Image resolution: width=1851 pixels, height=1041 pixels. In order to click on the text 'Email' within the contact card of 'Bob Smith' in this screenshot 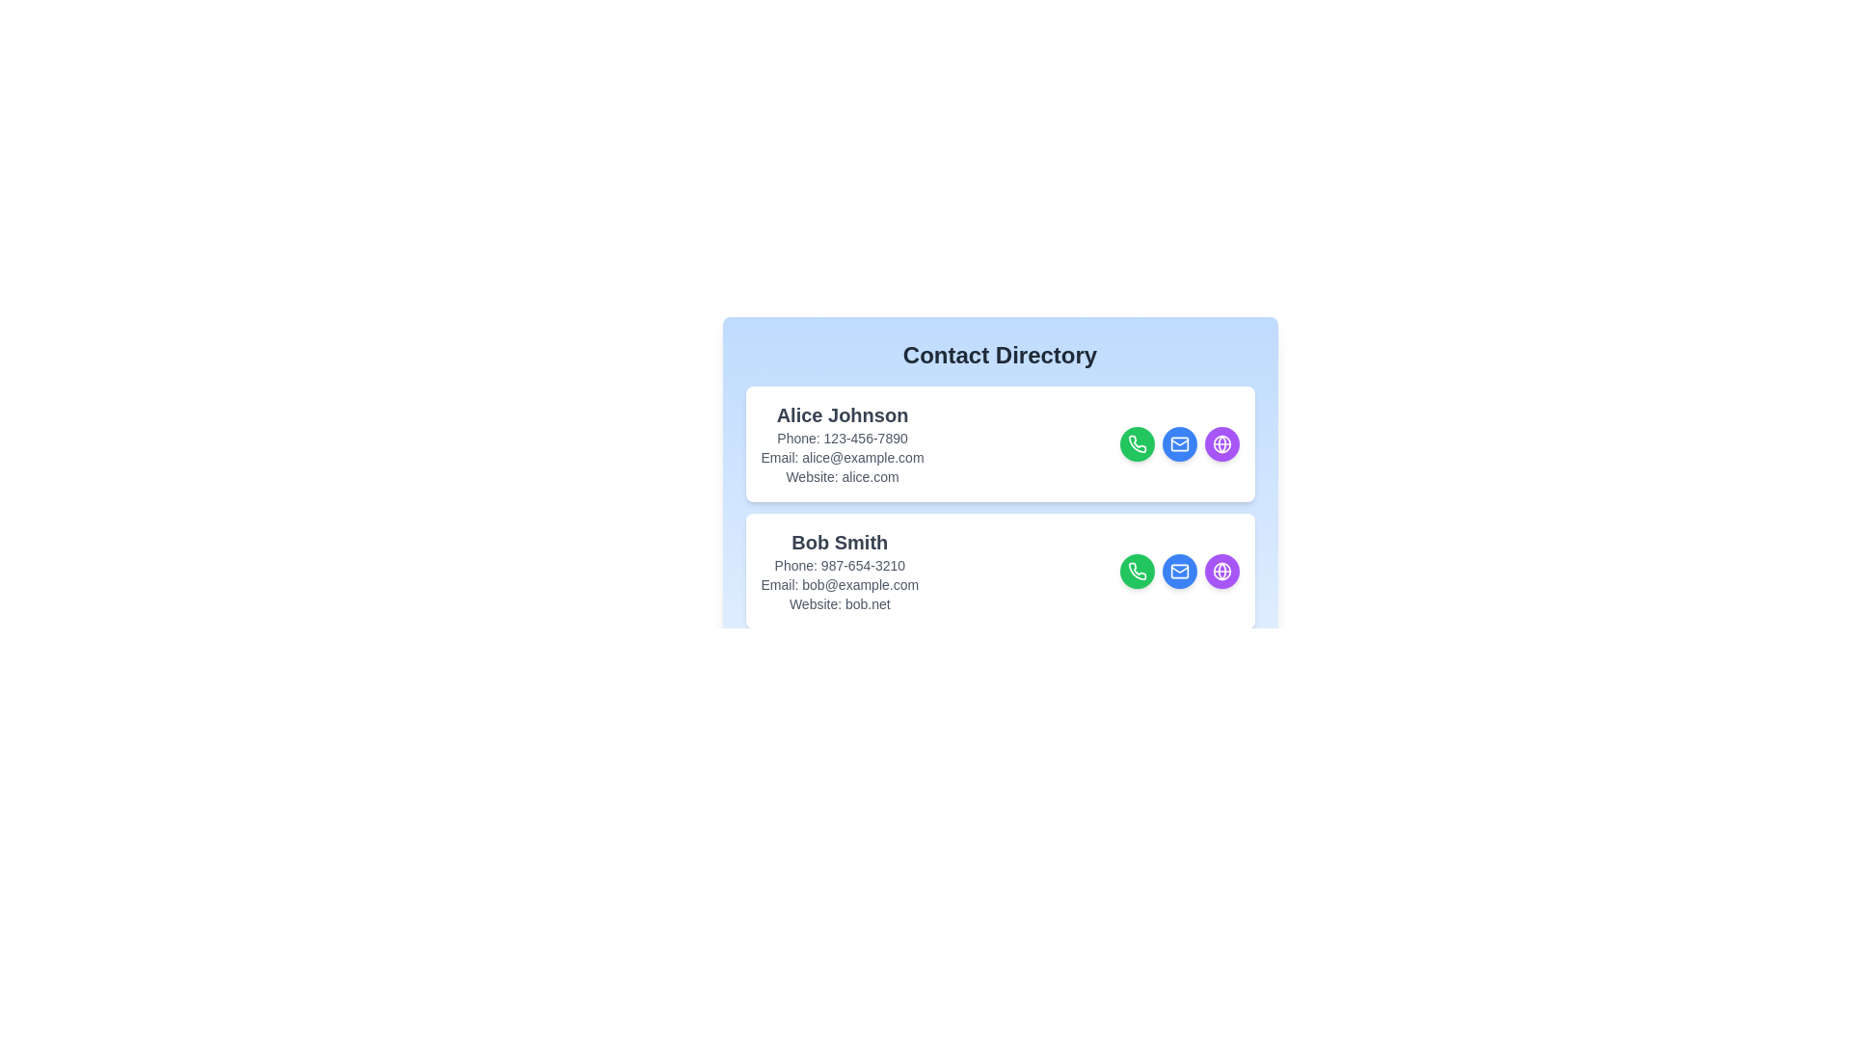, I will do `click(839, 583)`.